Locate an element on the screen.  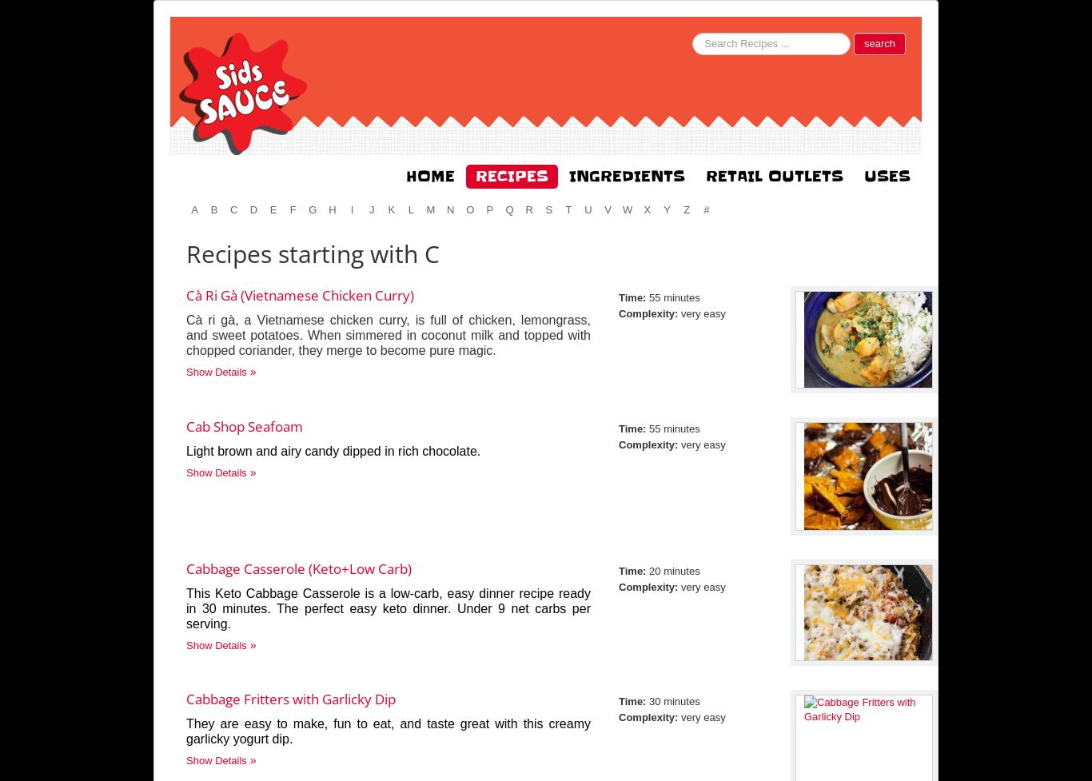
'z' is located at coordinates (685, 209).